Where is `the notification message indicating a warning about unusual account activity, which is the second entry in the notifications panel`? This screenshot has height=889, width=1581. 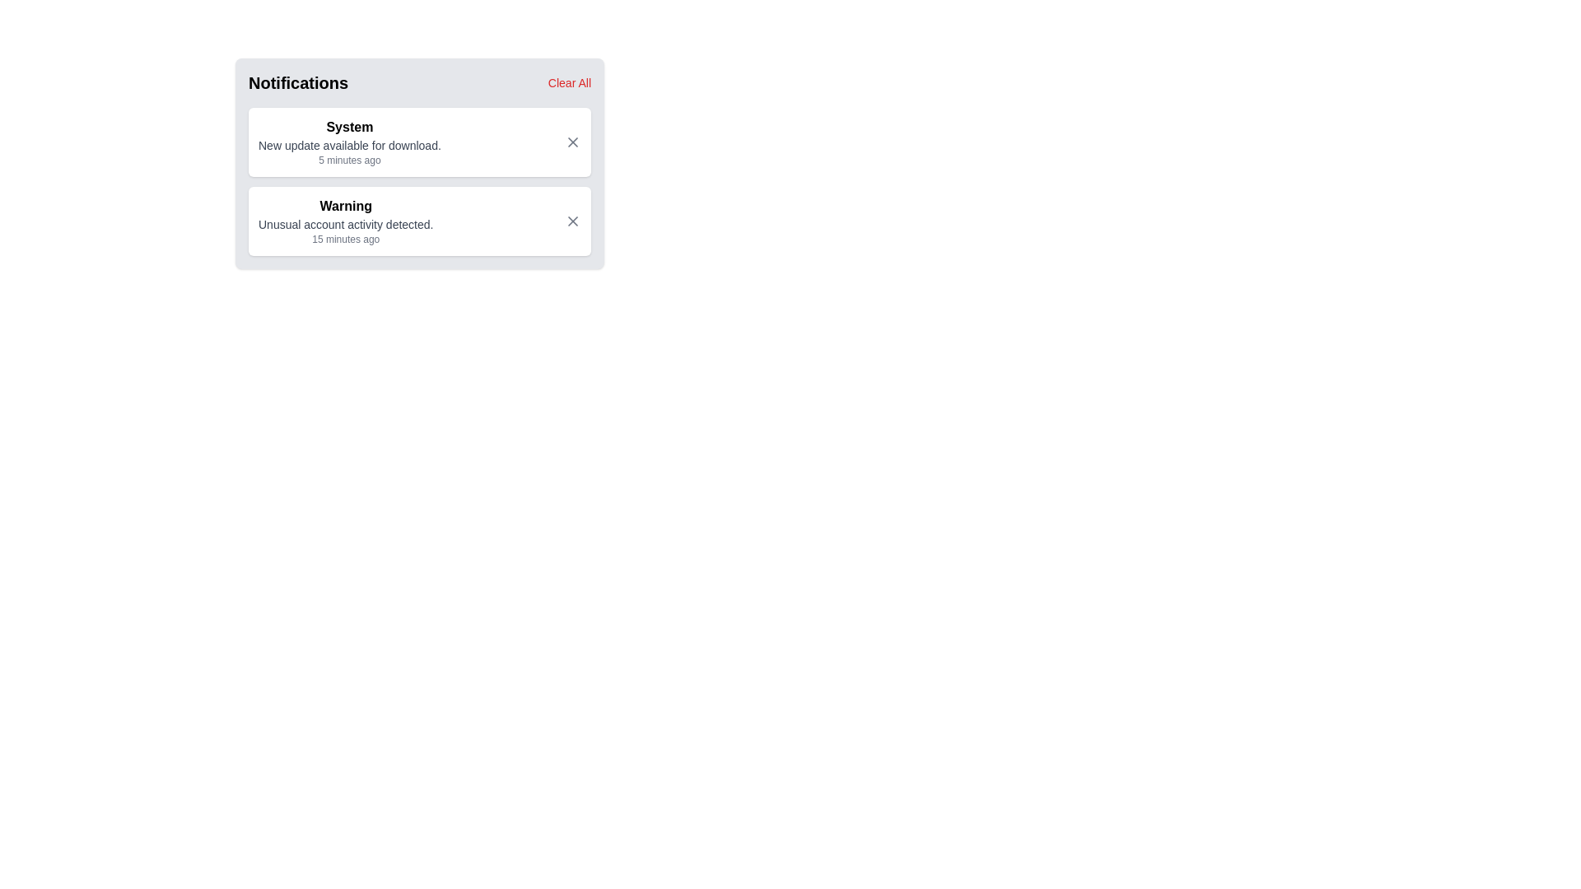
the notification message indicating a warning about unusual account activity, which is the second entry in the notifications panel is located at coordinates (345, 221).